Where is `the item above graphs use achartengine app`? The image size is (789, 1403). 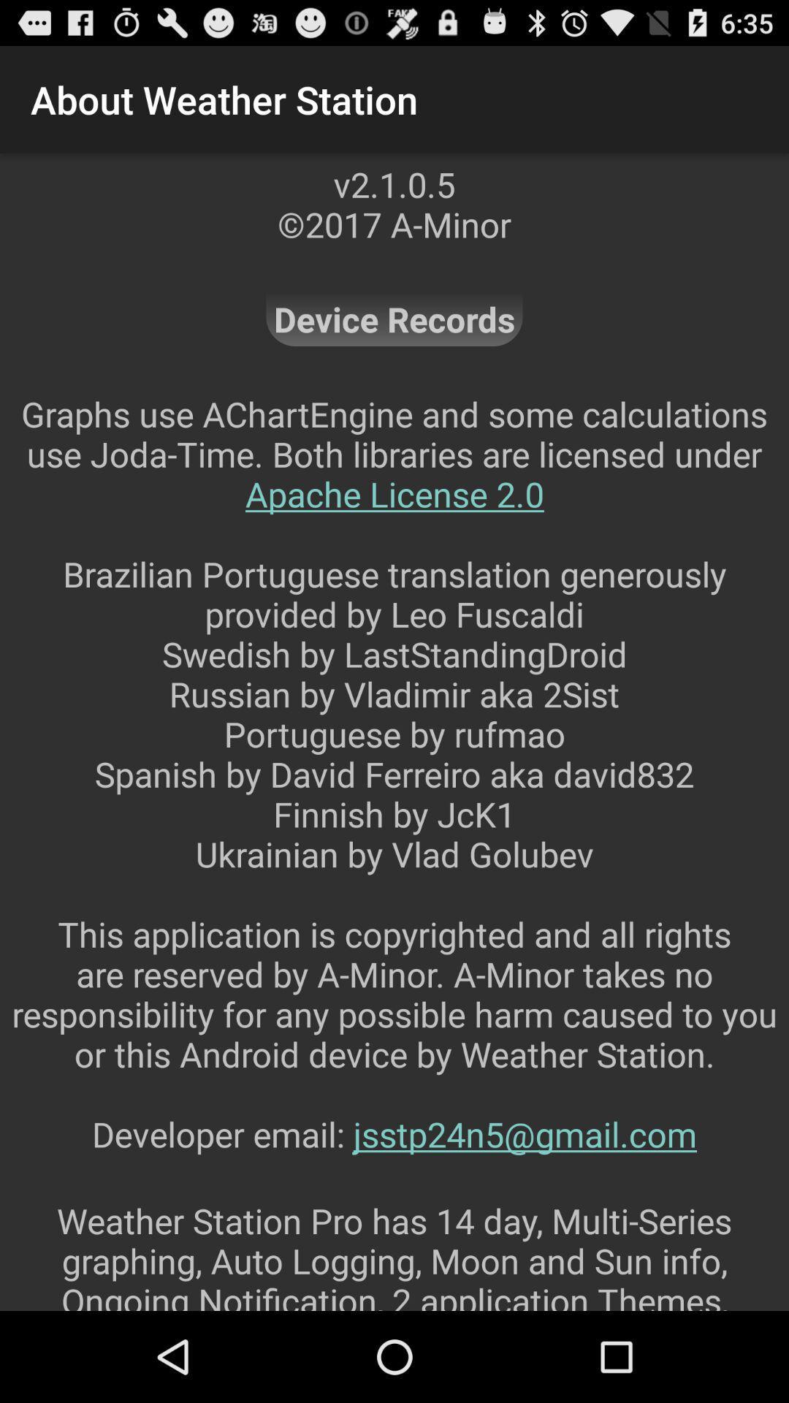
the item above graphs use achartengine app is located at coordinates (394, 318).